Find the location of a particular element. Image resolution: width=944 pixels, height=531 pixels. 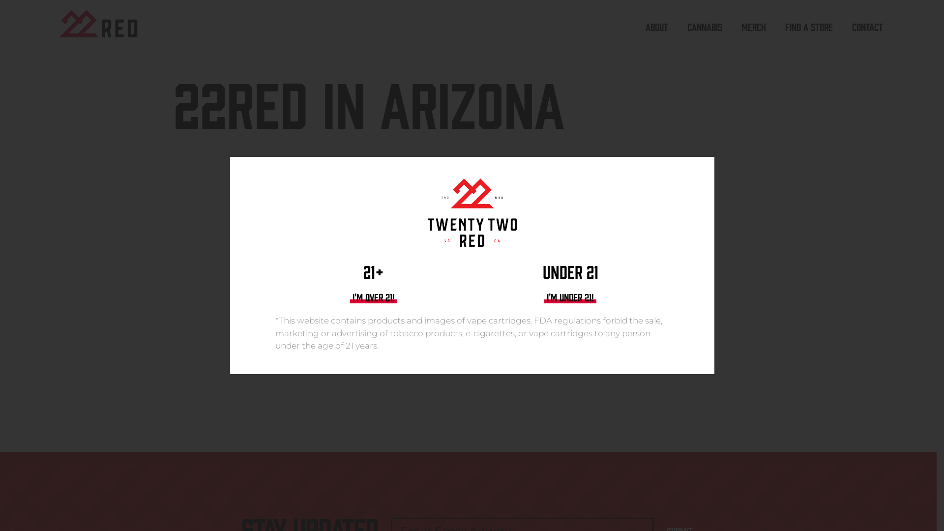

'FIND A STORE' is located at coordinates (782, 26).